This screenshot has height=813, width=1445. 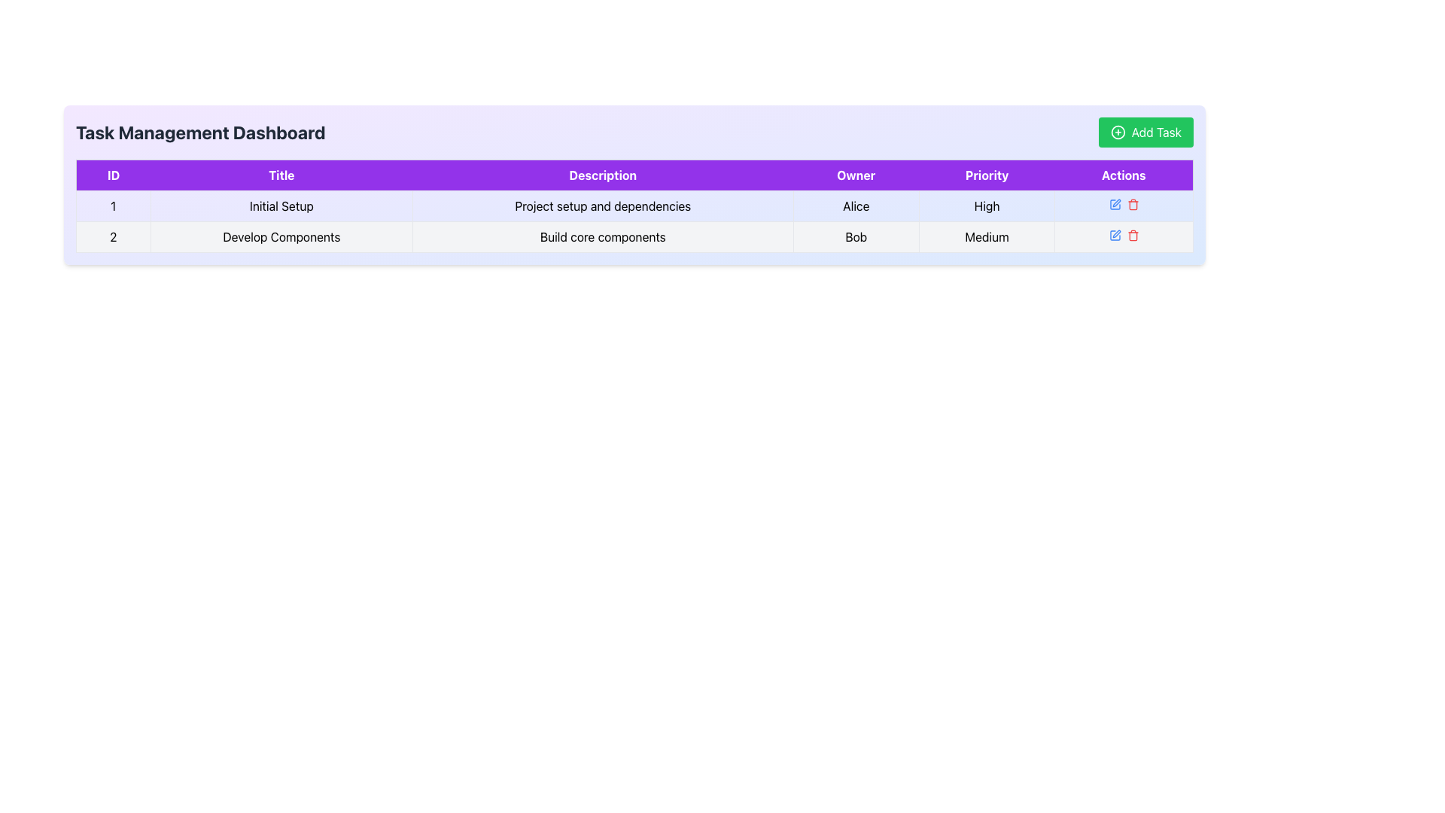 What do you see at coordinates (1115, 235) in the screenshot?
I see `the blue pen icon button in the 'Actions' column of the second row, which corresponds to the task 'Develop Components'` at bounding box center [1115, 235].